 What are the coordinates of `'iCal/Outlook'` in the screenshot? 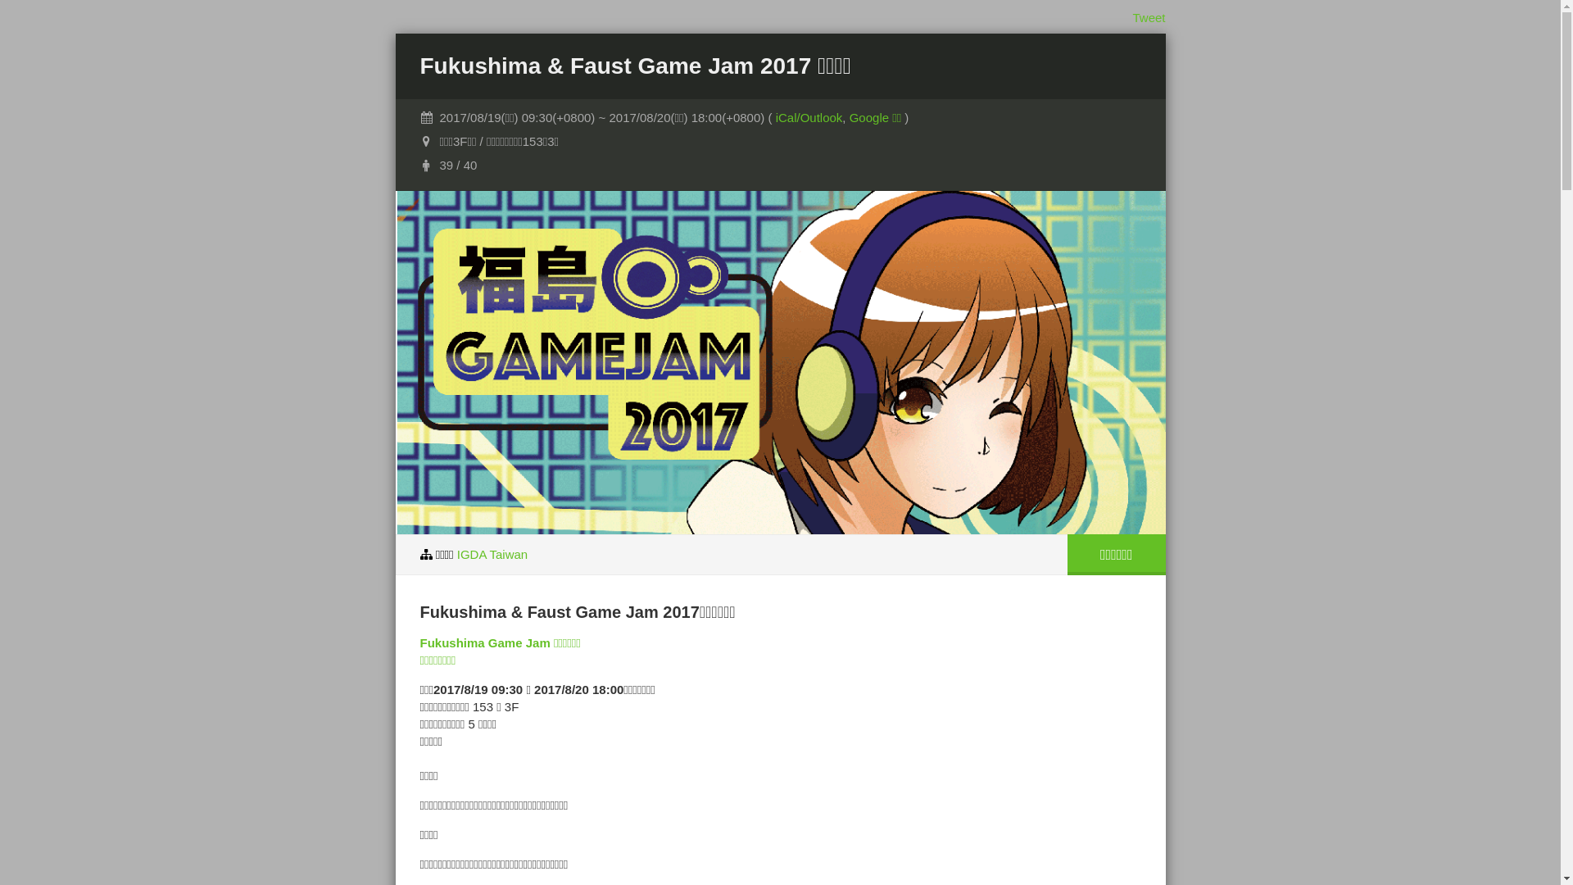 It's located at (809, 116).